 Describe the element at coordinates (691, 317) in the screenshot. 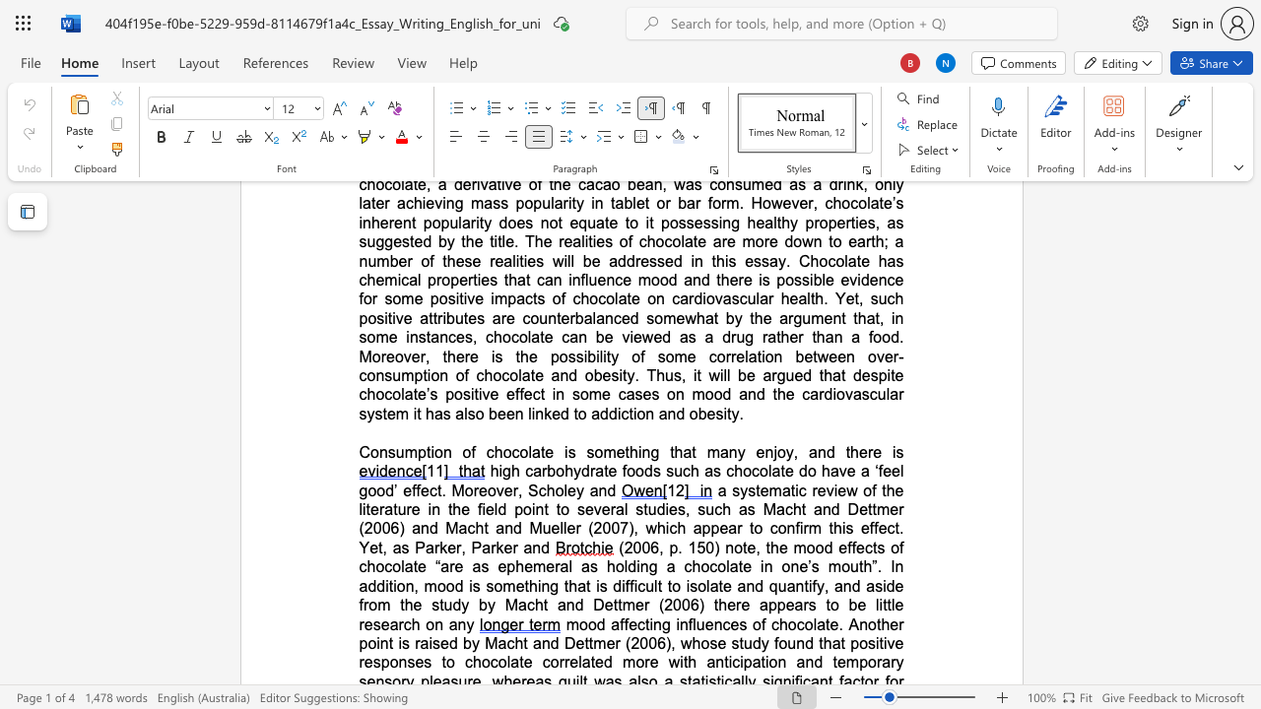

I see `the 1th character "w" in the text` at that location.